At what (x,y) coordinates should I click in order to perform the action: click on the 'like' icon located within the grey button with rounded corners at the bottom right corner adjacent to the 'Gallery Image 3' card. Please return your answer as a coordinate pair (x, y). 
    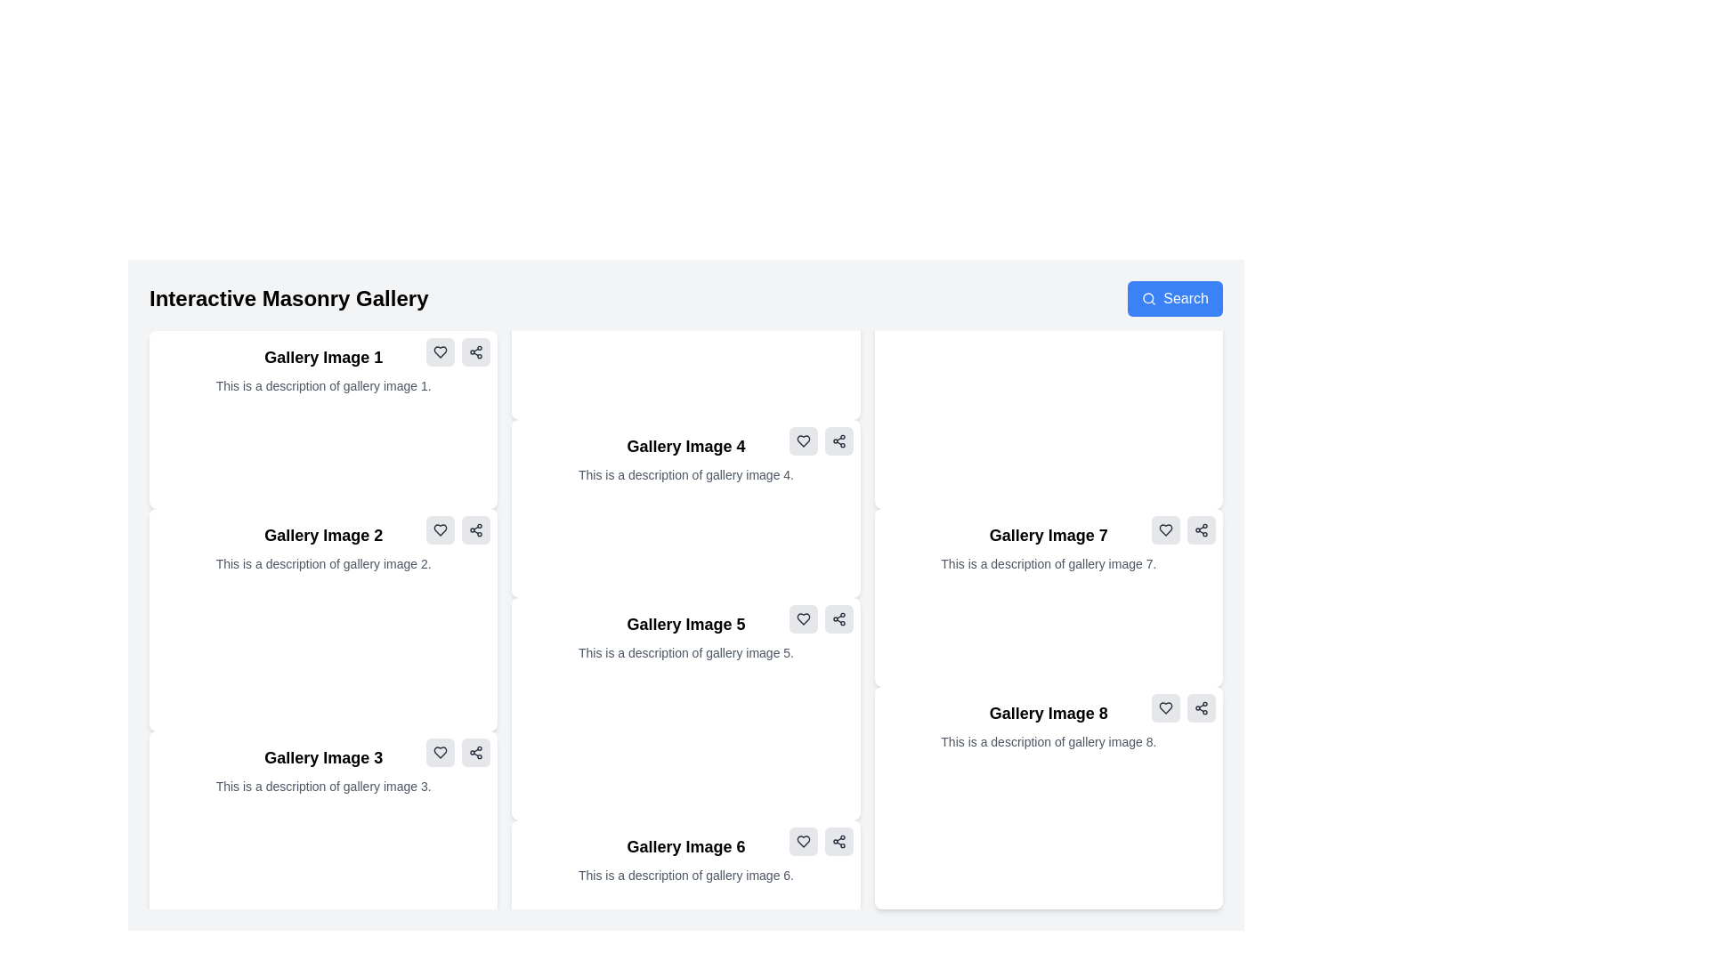
    Looking at the image, I should click on (441, 752).